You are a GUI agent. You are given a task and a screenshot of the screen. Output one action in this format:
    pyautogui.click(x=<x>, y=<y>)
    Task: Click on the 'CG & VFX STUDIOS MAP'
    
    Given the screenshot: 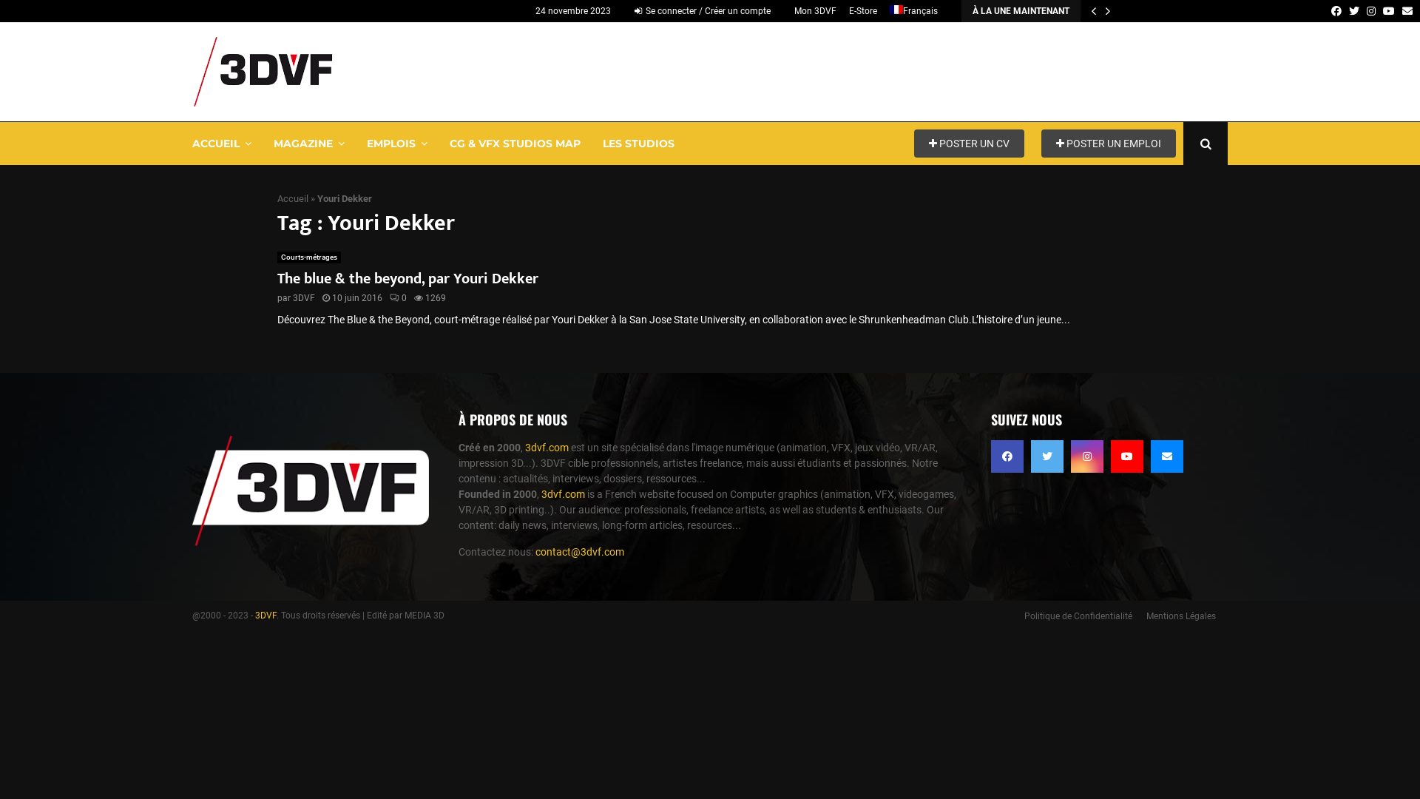 What is the action you would take?
    pyautogui.click(x=515, y=143)
    